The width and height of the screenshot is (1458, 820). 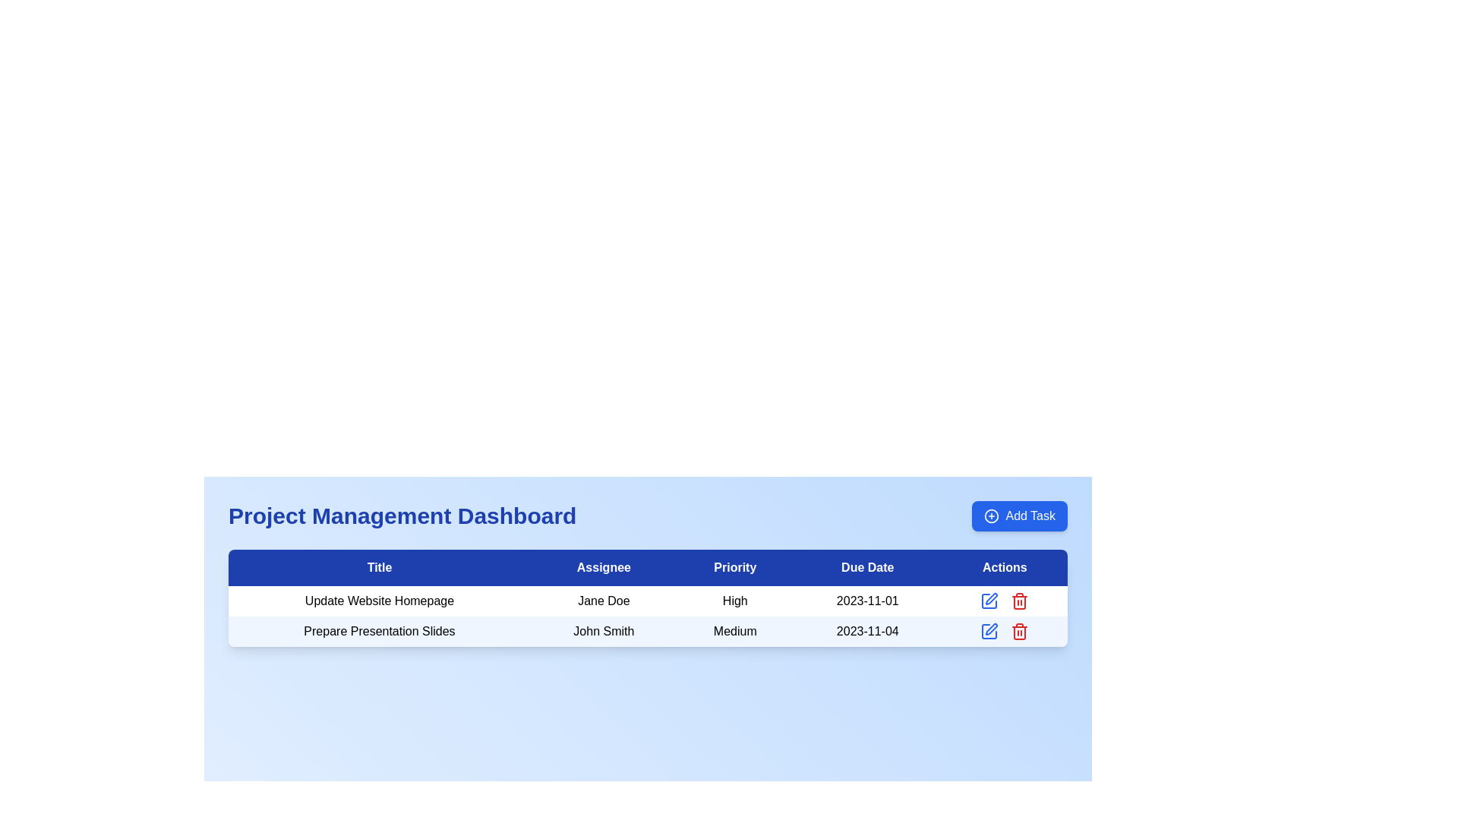 What do you see at coordinates (379, 600) in the screenshot?
I see `the Text Label displaying the title or description of a task in the task management application, which is located in the first row of the table under the 'Title' column, to the left of 'Jane Doe'` at bounding box center [379, 600].